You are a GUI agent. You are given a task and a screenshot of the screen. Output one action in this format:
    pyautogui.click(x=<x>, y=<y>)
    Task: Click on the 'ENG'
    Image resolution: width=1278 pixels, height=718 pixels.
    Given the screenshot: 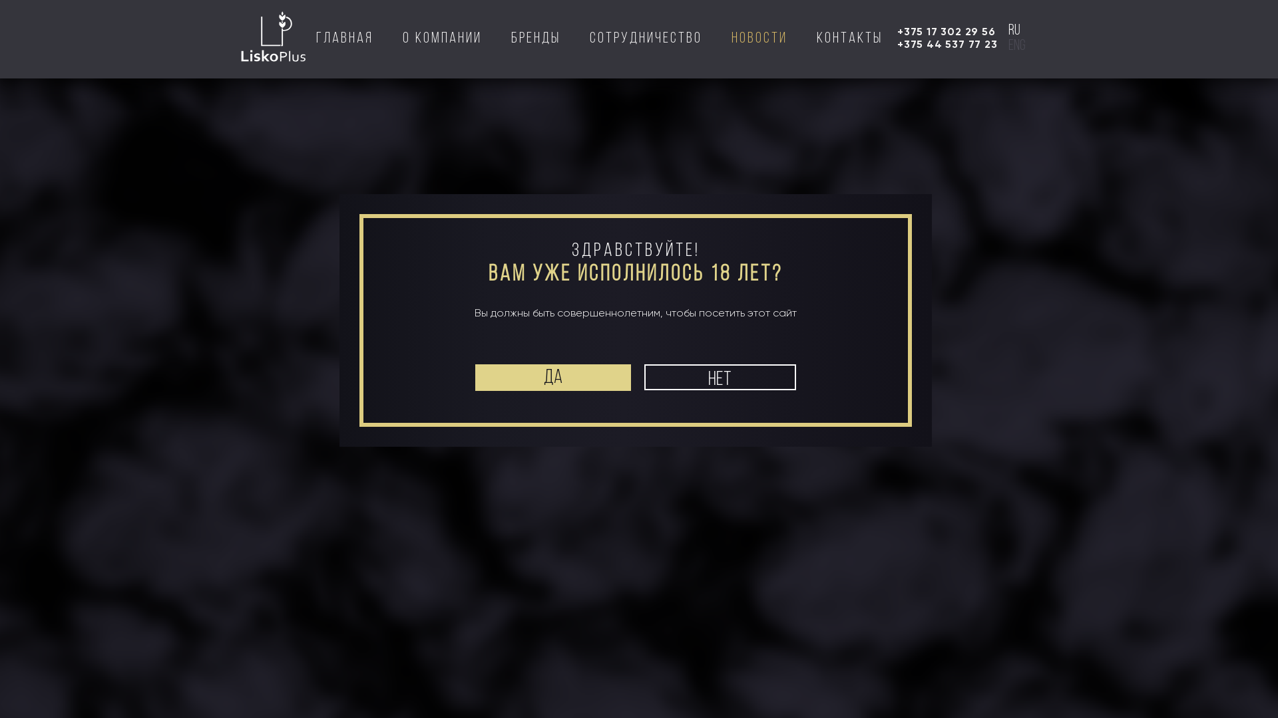 What is the action you would take?
    pyautogui.click(x=1016, y=45)
    